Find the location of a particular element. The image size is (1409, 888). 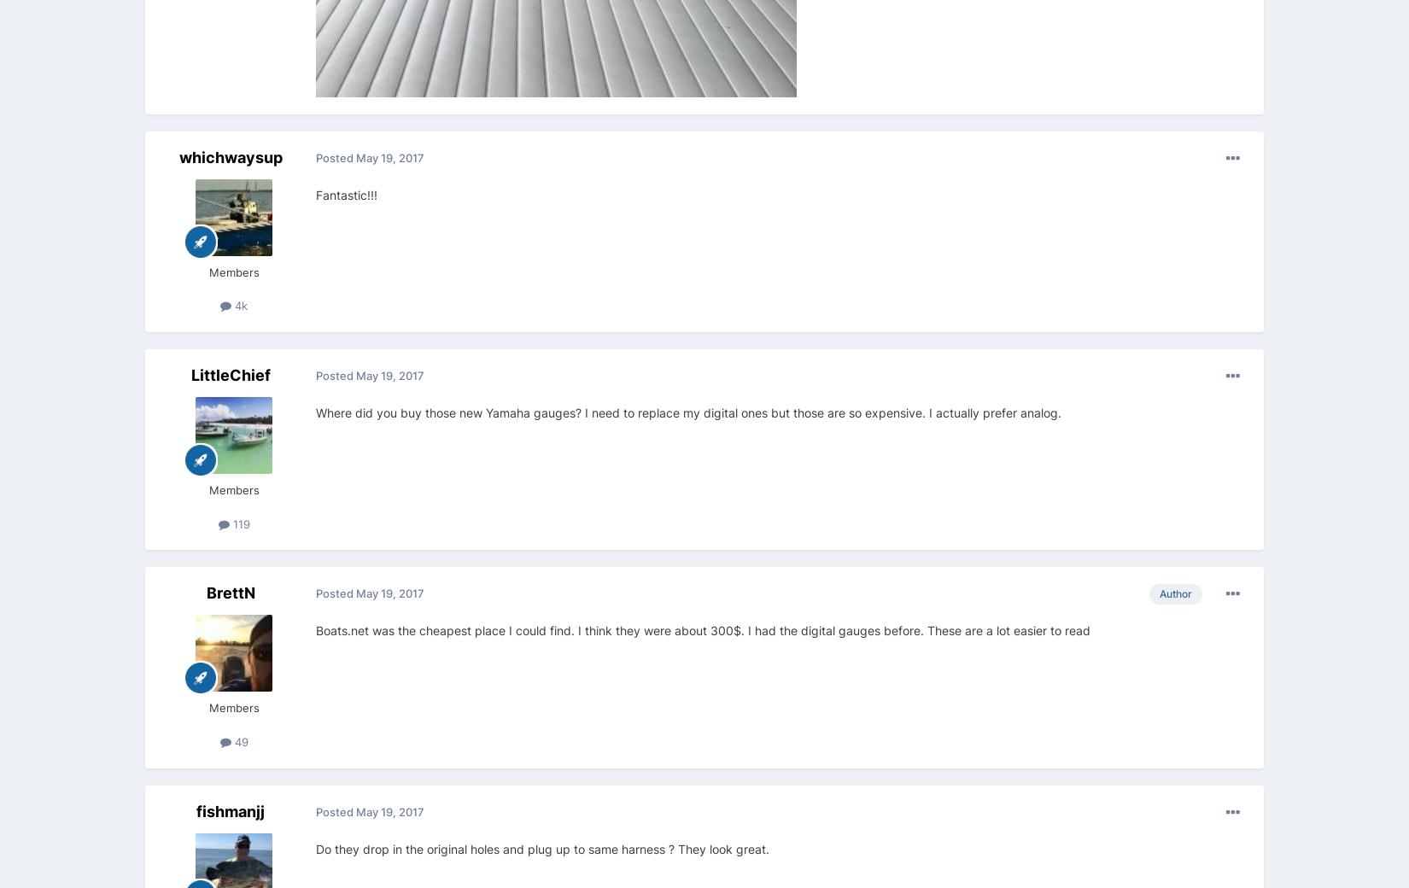

'Author' is located at coordinates (1174, 593).